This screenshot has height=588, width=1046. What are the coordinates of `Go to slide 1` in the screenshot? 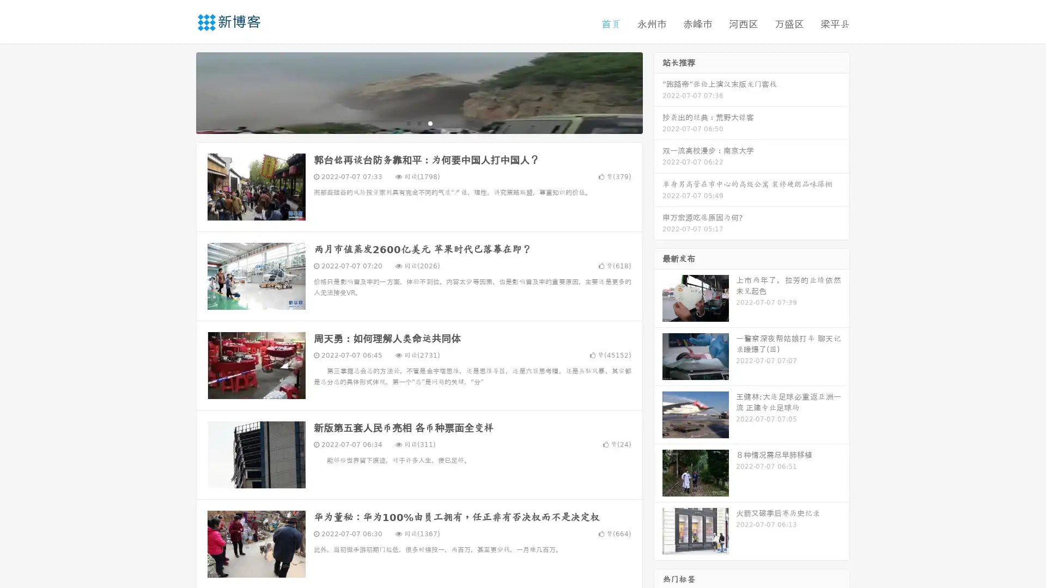 It's located at (408, 122).